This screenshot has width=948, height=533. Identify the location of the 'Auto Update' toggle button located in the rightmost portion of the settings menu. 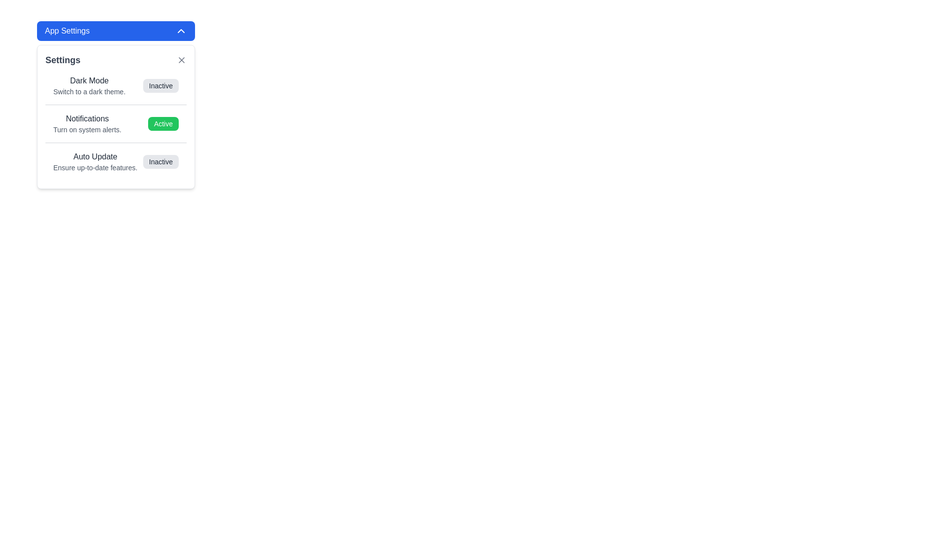
(160, 161).